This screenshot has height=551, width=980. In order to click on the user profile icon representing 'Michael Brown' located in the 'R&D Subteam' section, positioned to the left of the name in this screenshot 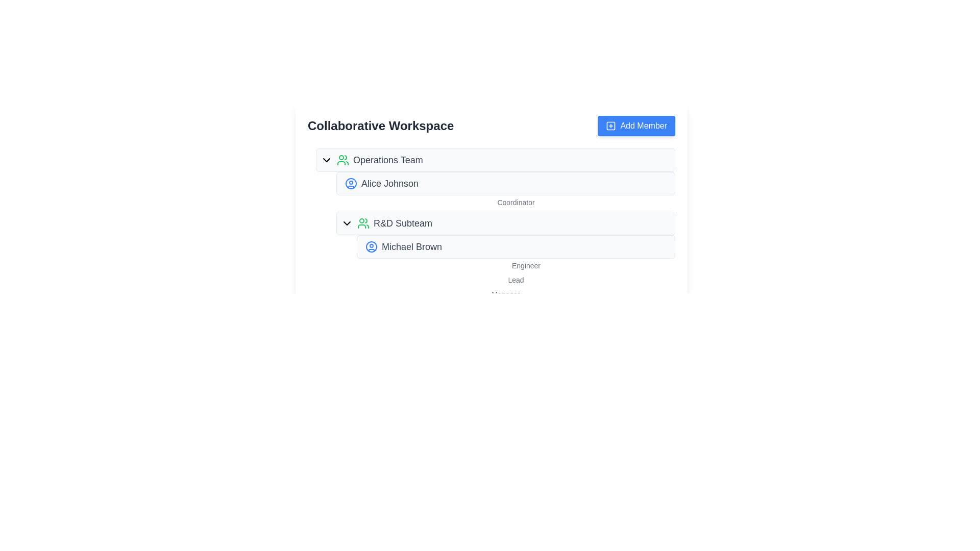, I will do `click(371, 246)`.